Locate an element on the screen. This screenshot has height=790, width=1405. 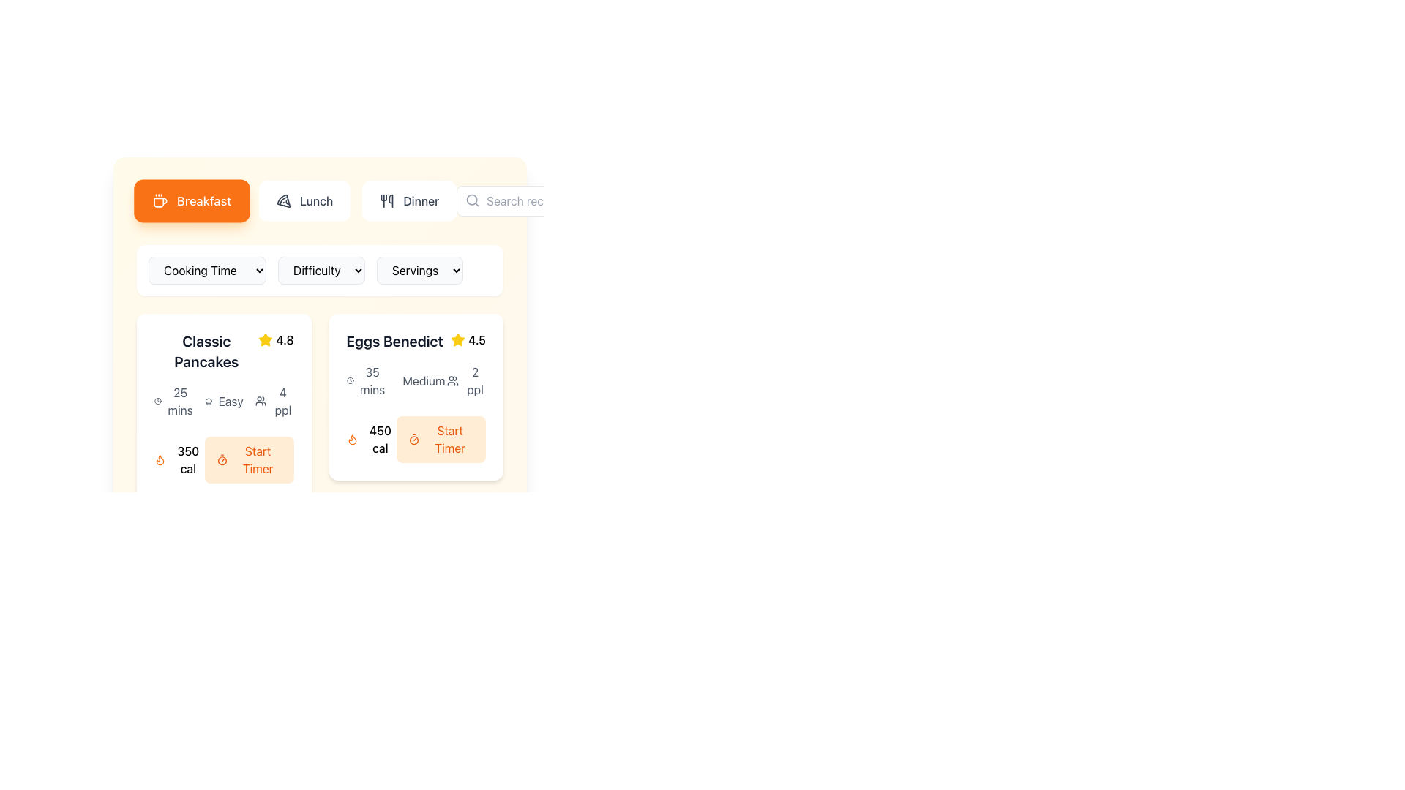
the 'Start Timer' button, which is a rectangular button with a rounded border, light orange background, and orange text, located to the right of '350 cal' in the 'Classic Pancakes' section is located at coordinates (249, 459).